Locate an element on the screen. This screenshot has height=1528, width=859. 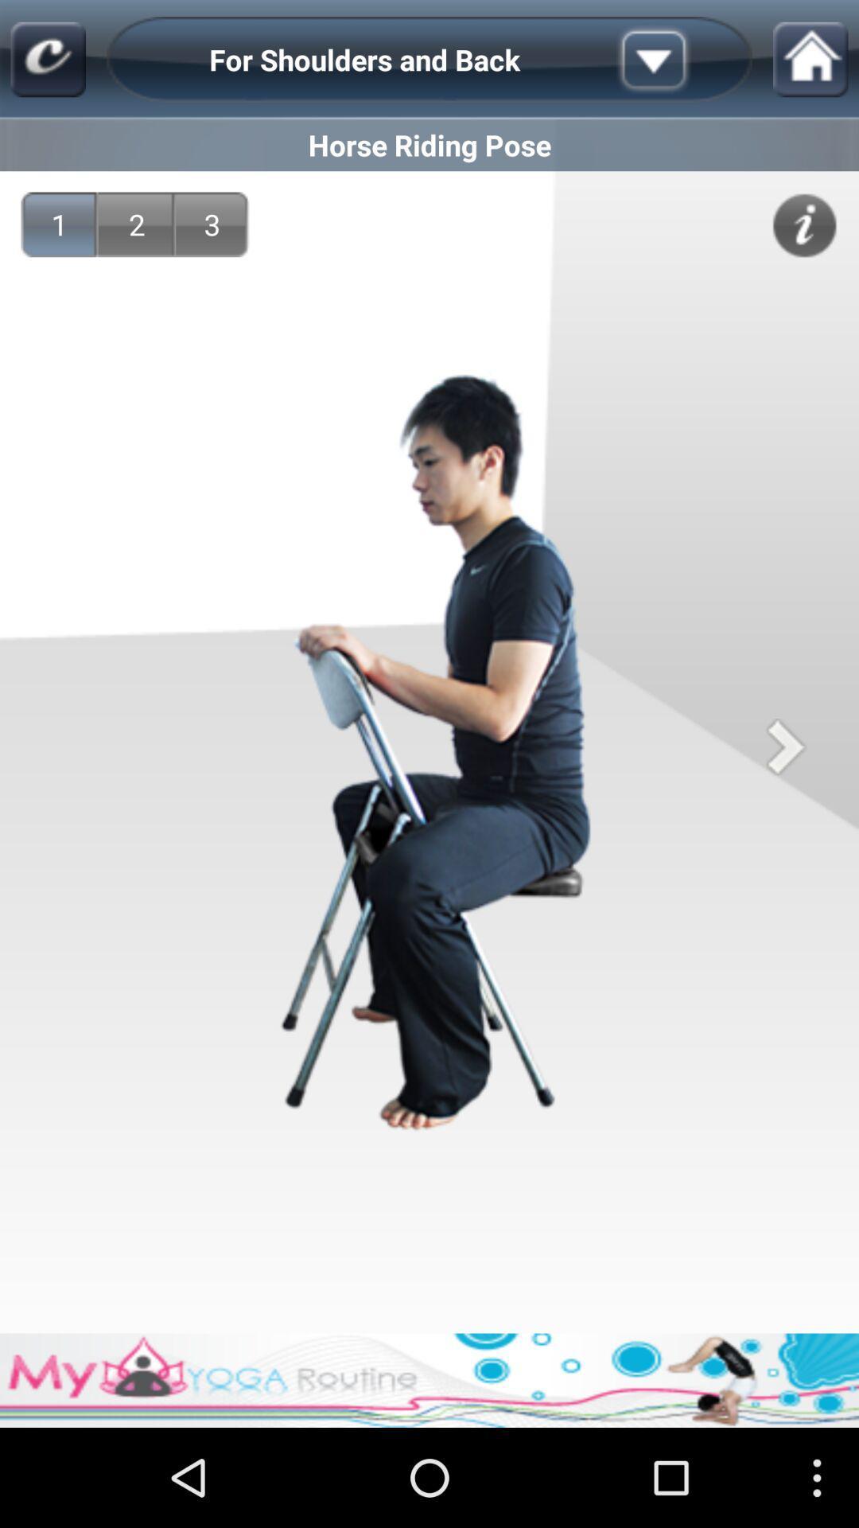
go home is located at coordinates (810, 60).